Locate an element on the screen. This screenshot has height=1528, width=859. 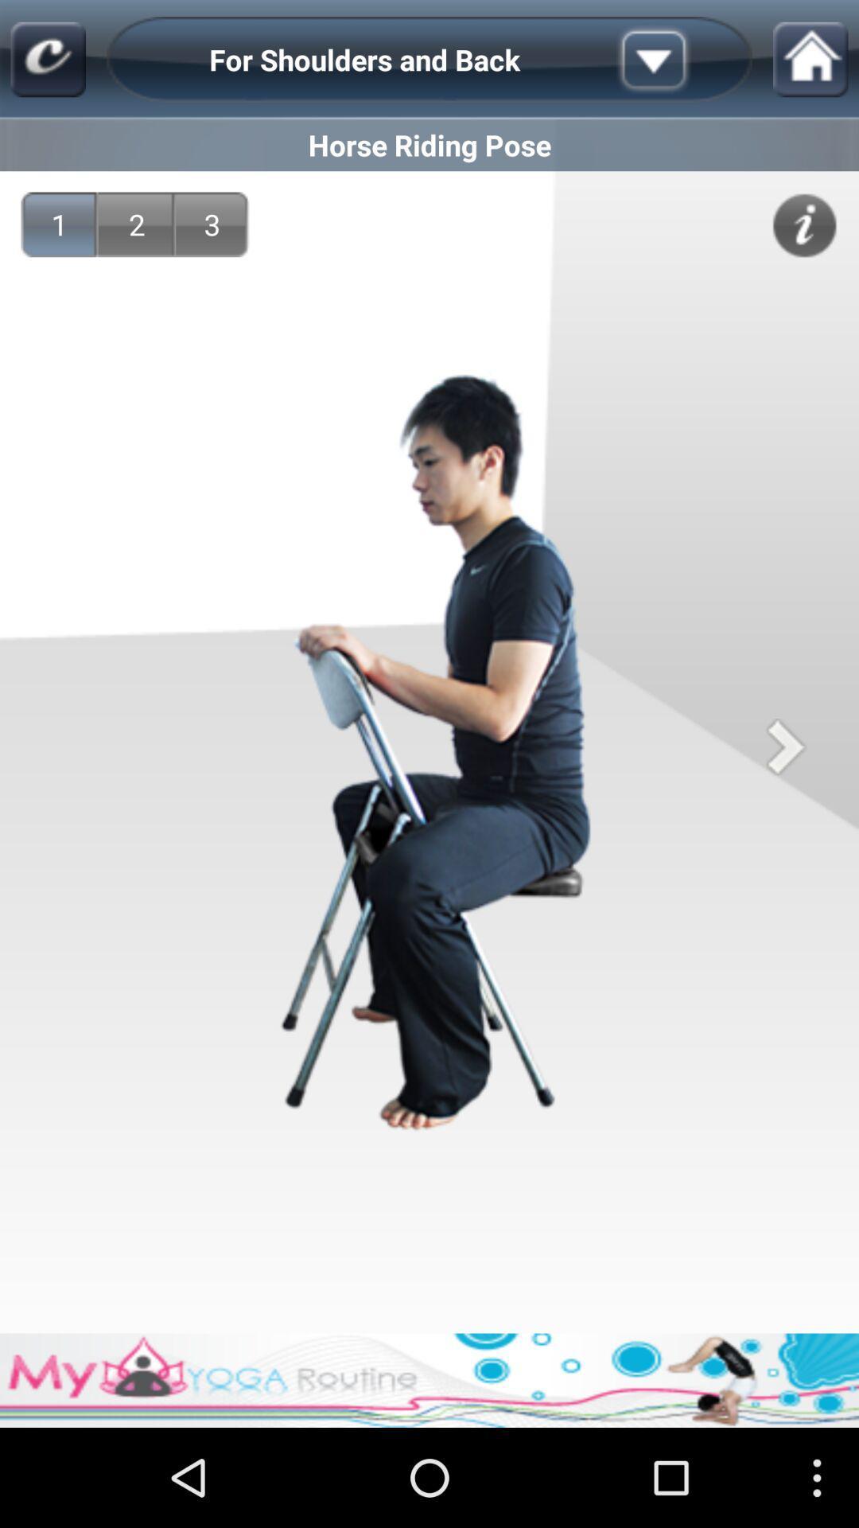
go home is located at coordinates (810, 60).